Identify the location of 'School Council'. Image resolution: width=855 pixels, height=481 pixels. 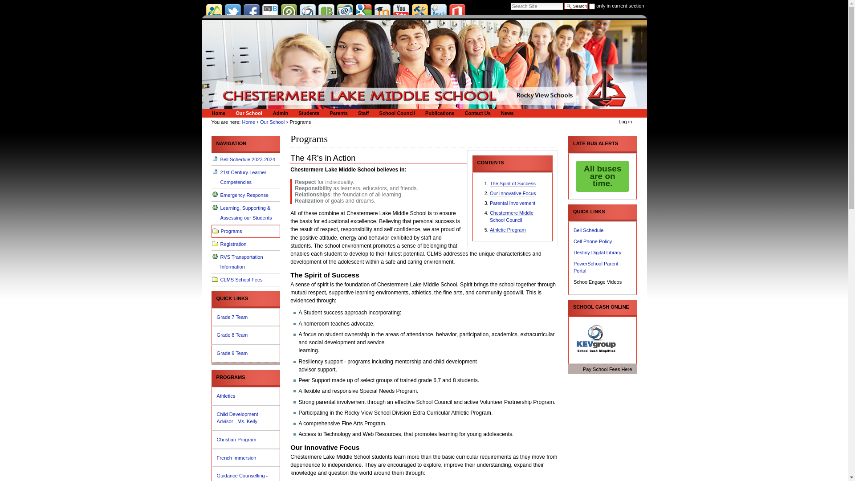
(395, 113).